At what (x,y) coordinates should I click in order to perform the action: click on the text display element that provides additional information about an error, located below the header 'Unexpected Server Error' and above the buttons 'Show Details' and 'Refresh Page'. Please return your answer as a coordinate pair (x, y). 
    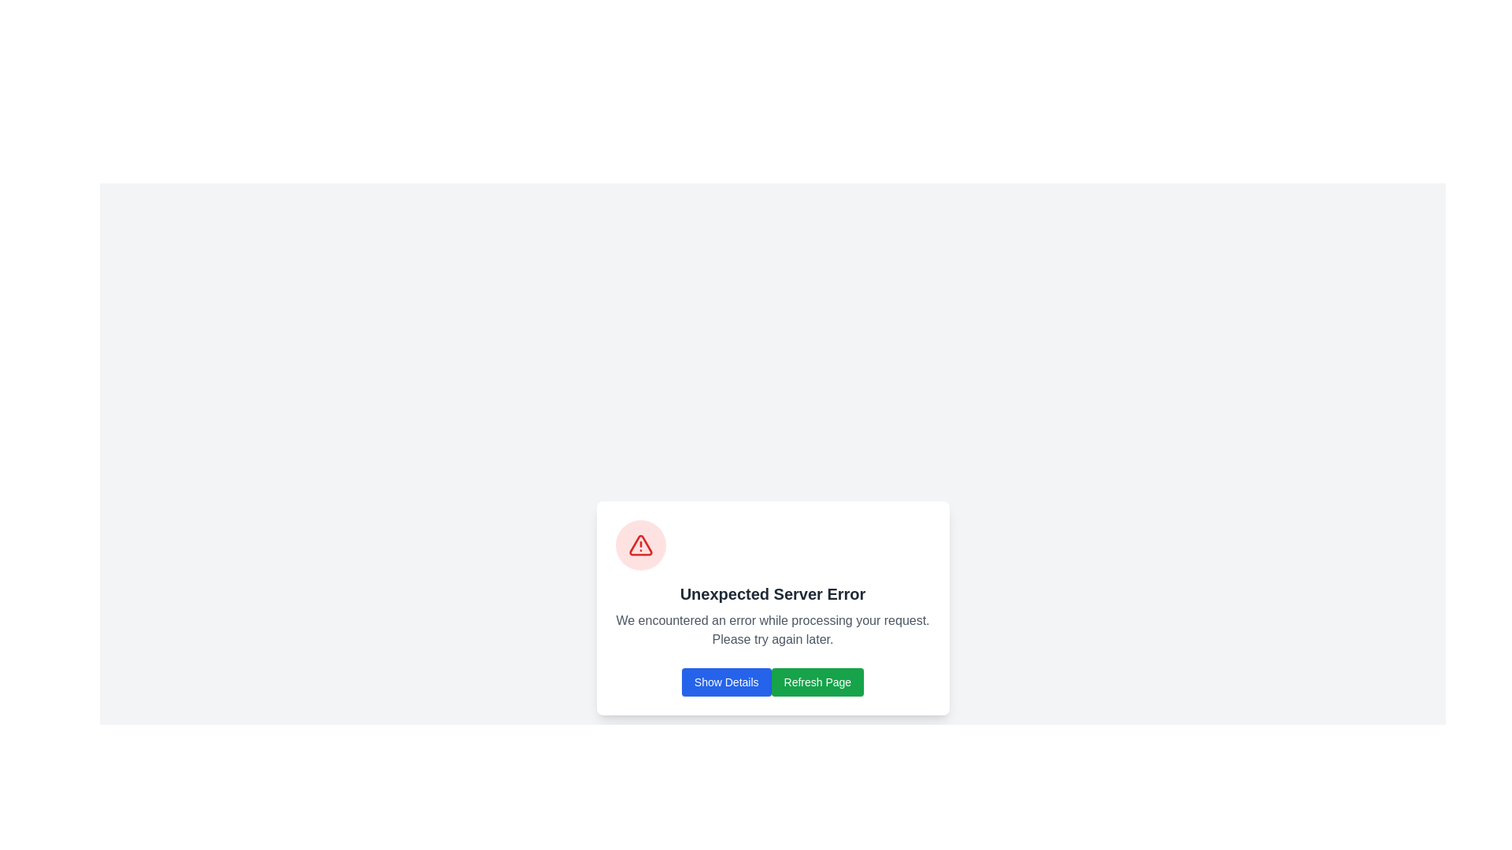
    Looking at the image, I should click on (773, 630).